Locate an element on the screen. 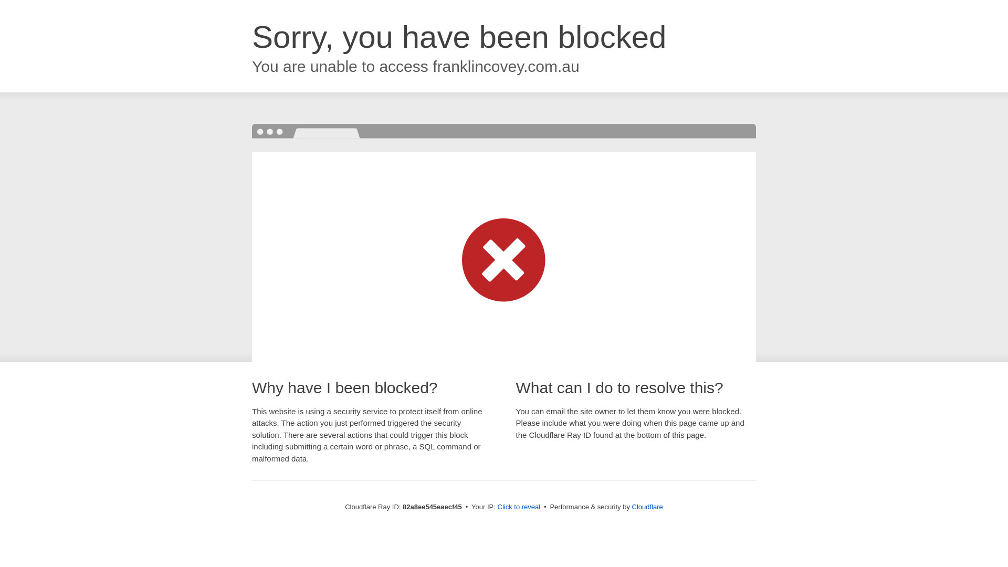 This screenshot has height=567, width=1008. 'Click to reveal' is located at coordinates (519, 506).